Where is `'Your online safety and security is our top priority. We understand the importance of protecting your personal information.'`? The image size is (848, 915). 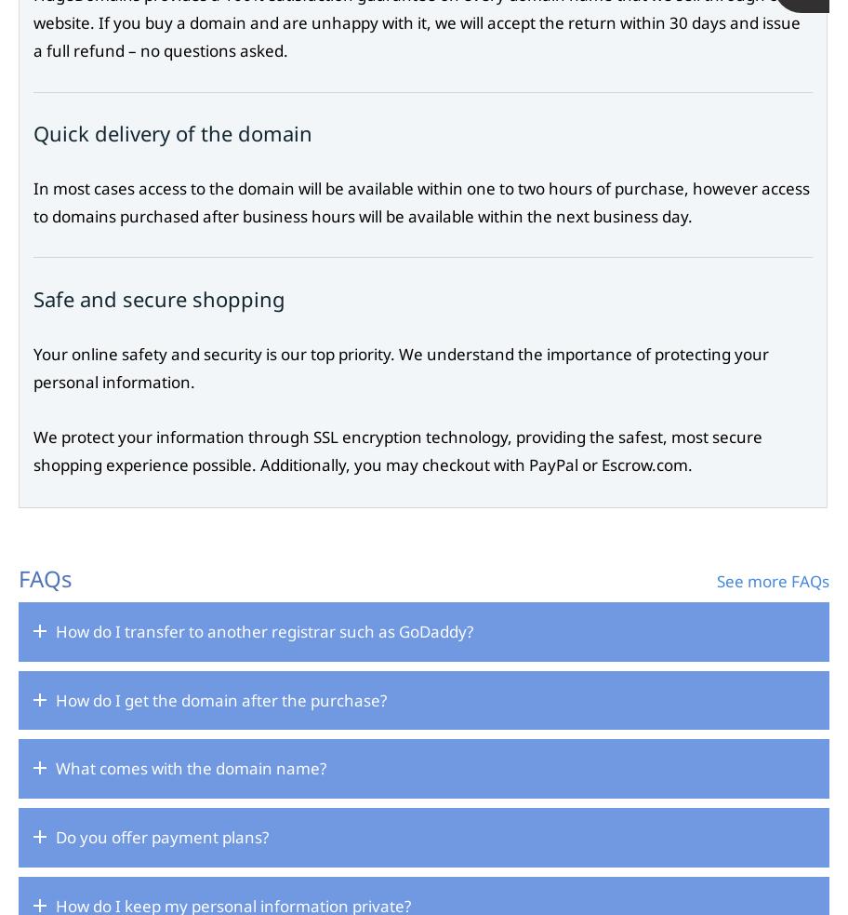 'Your online safety and security is our top priority. We understand the importance of protecting your personal information.' is located at coordinates (400, 366).